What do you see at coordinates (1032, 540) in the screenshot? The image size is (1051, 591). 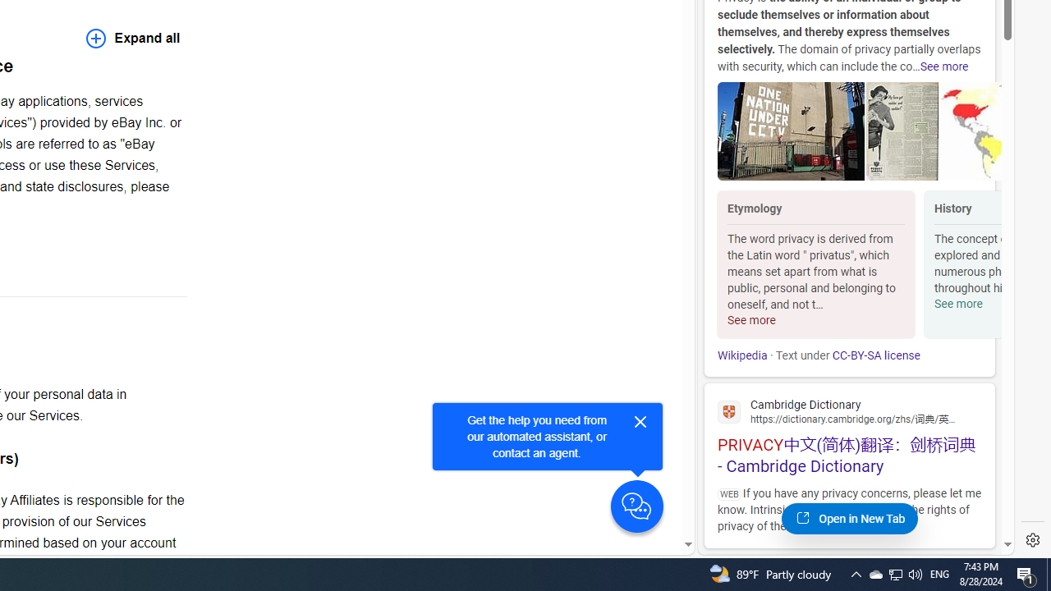 I see `'Settings'` at bounding box center [1032, 540].